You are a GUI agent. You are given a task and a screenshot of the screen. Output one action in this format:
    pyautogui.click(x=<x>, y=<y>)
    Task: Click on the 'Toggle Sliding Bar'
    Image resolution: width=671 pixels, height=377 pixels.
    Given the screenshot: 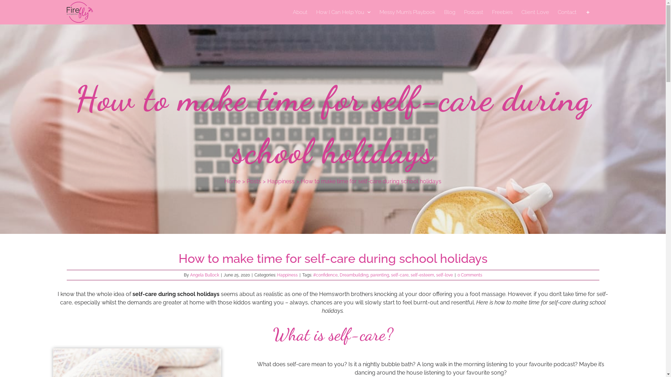 What is the action you would take?
    pyautogui.click(x=587, y=12)
    